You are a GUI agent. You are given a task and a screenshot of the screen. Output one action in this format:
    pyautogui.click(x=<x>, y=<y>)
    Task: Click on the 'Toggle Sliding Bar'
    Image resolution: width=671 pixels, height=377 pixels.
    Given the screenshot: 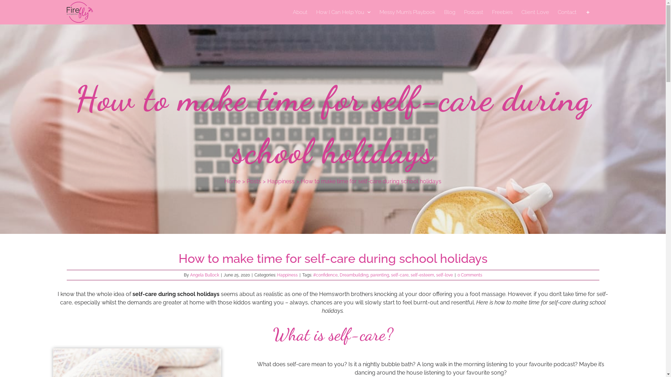 What is the action you would take?
    pyautogui.click(x=587, y=12)
    